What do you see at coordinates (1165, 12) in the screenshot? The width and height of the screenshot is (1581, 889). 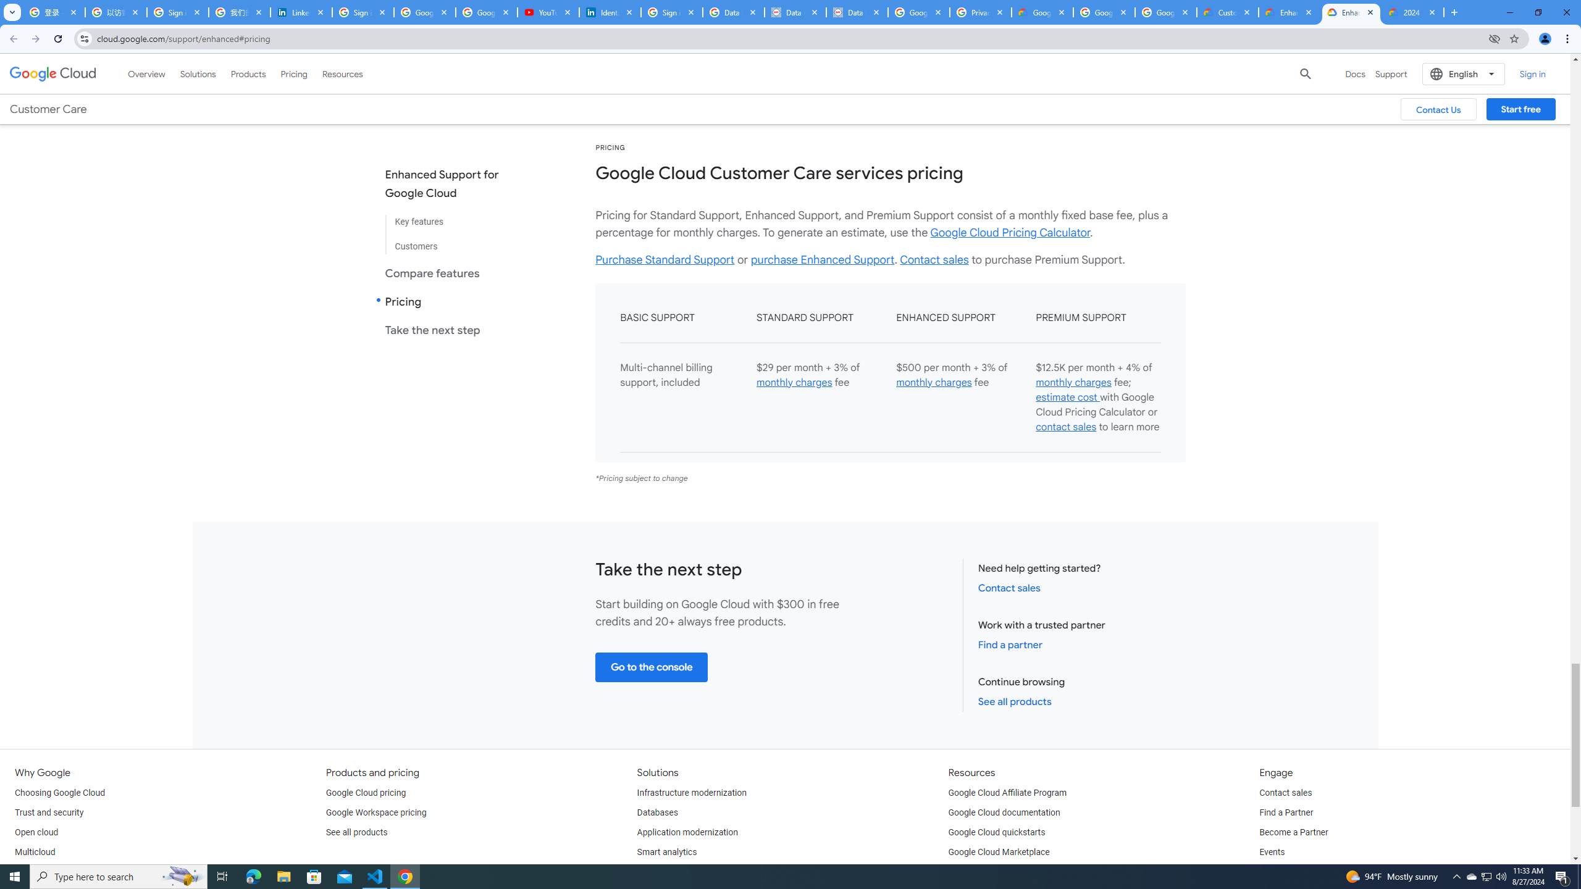 I see `'Google Workspace - Specific Terms'` at bounding box center [1165, 12].